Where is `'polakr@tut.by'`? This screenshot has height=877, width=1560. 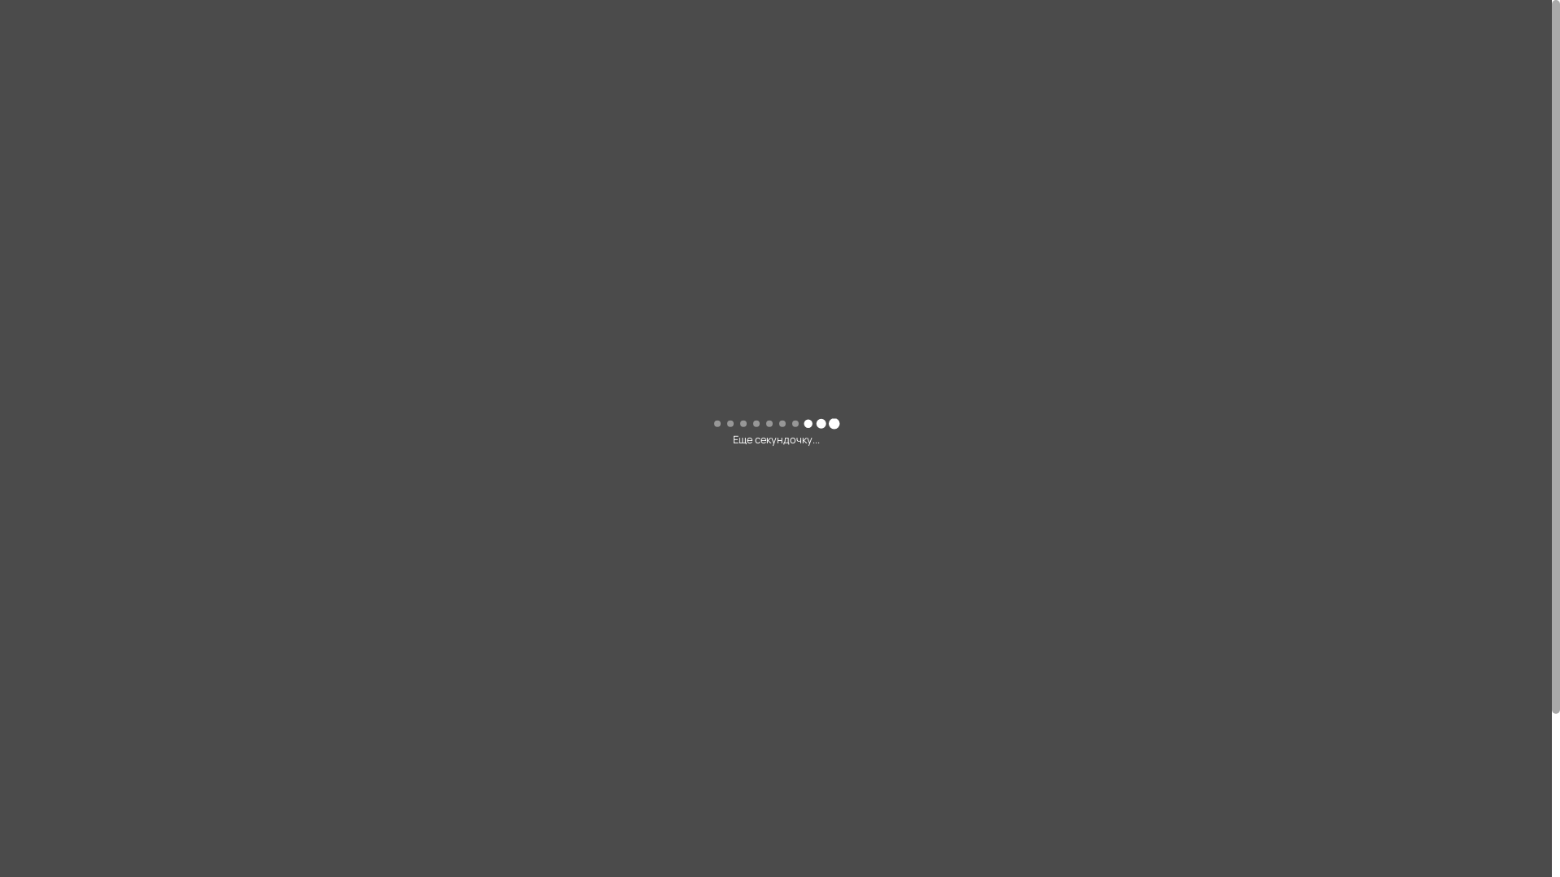
'polakr@tut.by' is located at coordinates (1228, 41).